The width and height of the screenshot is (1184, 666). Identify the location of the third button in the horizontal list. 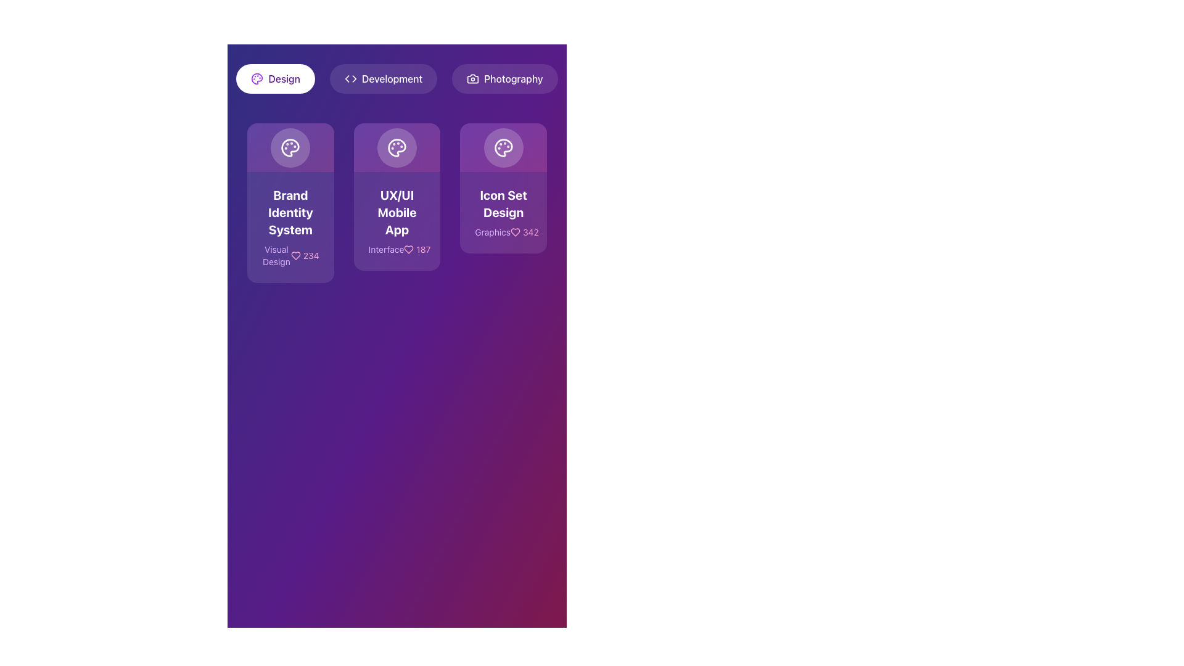
(504, 78).